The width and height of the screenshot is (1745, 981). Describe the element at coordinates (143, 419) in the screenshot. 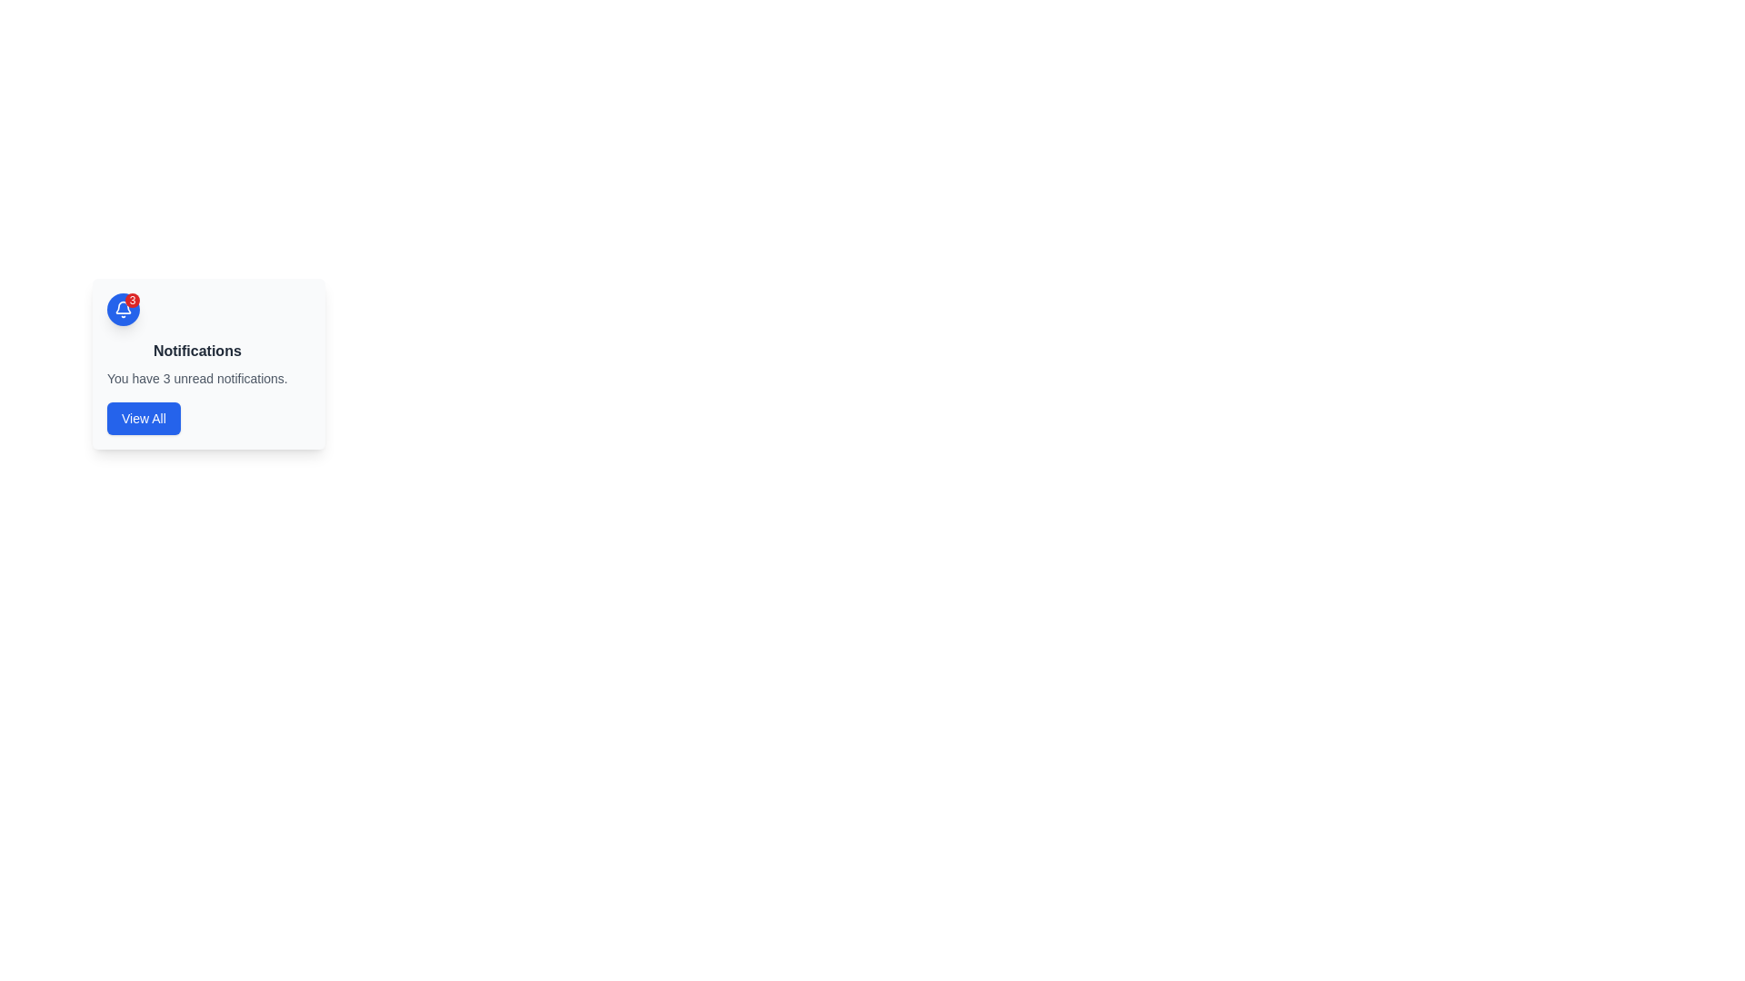

I see `the 'View All Notifications' button located at the bottom of the notification card` at that location.